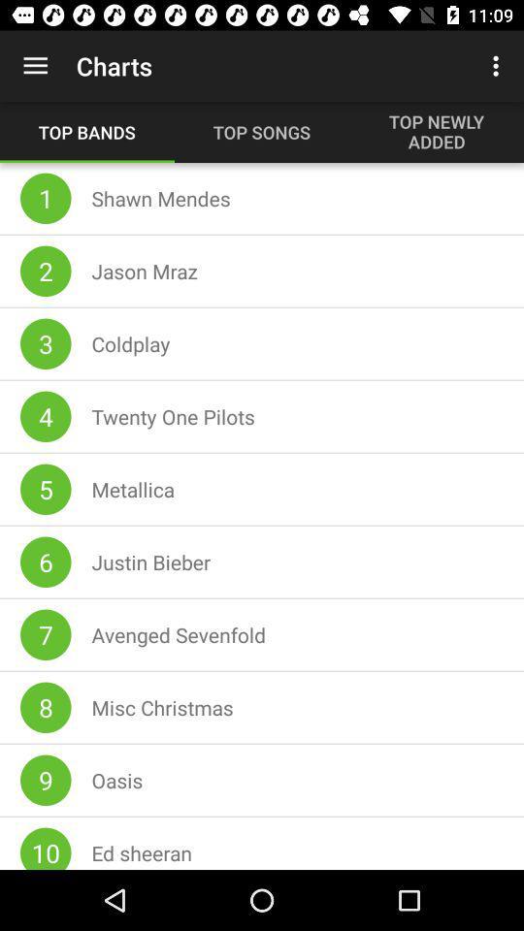 This screenshot has height=931, width=524. I want to click on the icon below the avenged sevenfold icon, so click(161, 706).